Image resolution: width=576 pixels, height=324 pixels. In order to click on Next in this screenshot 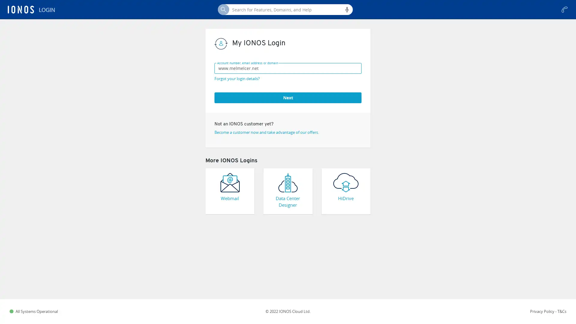, I will do `click(288, 97)`.